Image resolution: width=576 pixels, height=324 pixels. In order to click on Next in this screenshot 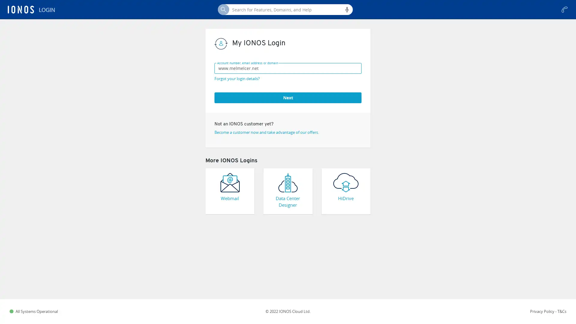, I will do `click(288, 97)`.